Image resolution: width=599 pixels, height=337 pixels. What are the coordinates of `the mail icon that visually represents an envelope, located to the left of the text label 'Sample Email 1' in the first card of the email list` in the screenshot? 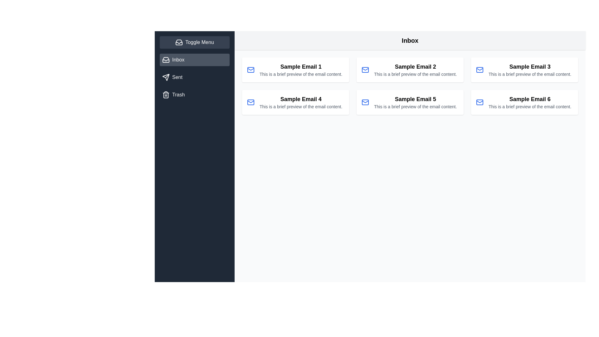 It's located at (251, 70).